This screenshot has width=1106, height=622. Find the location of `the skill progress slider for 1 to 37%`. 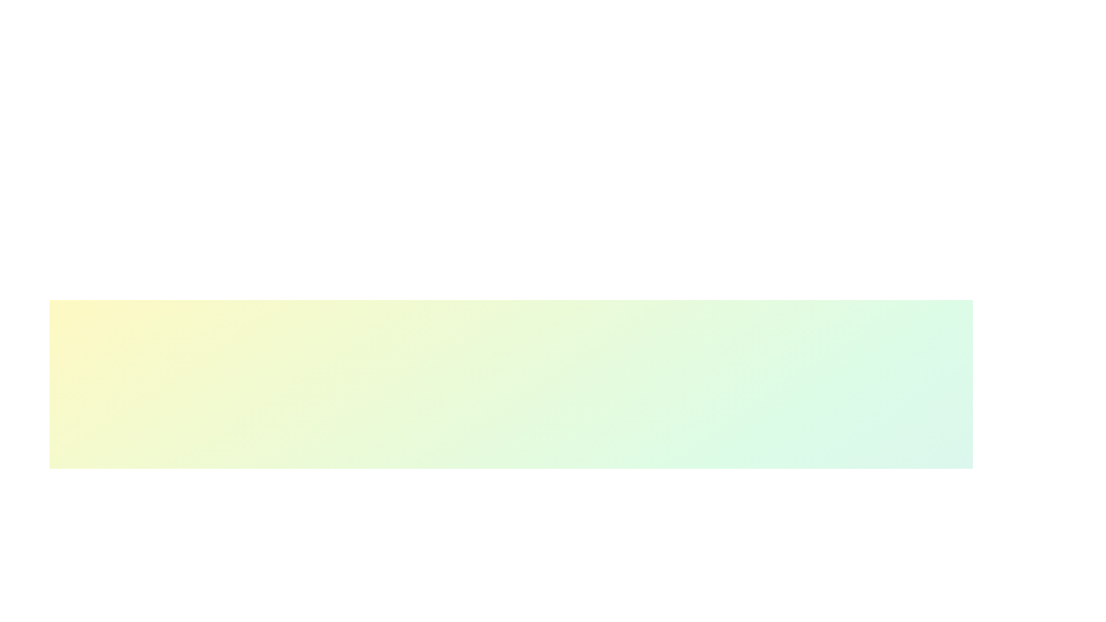

the skill progress slider for 1 to 37% is located at coordinates (478, 615).